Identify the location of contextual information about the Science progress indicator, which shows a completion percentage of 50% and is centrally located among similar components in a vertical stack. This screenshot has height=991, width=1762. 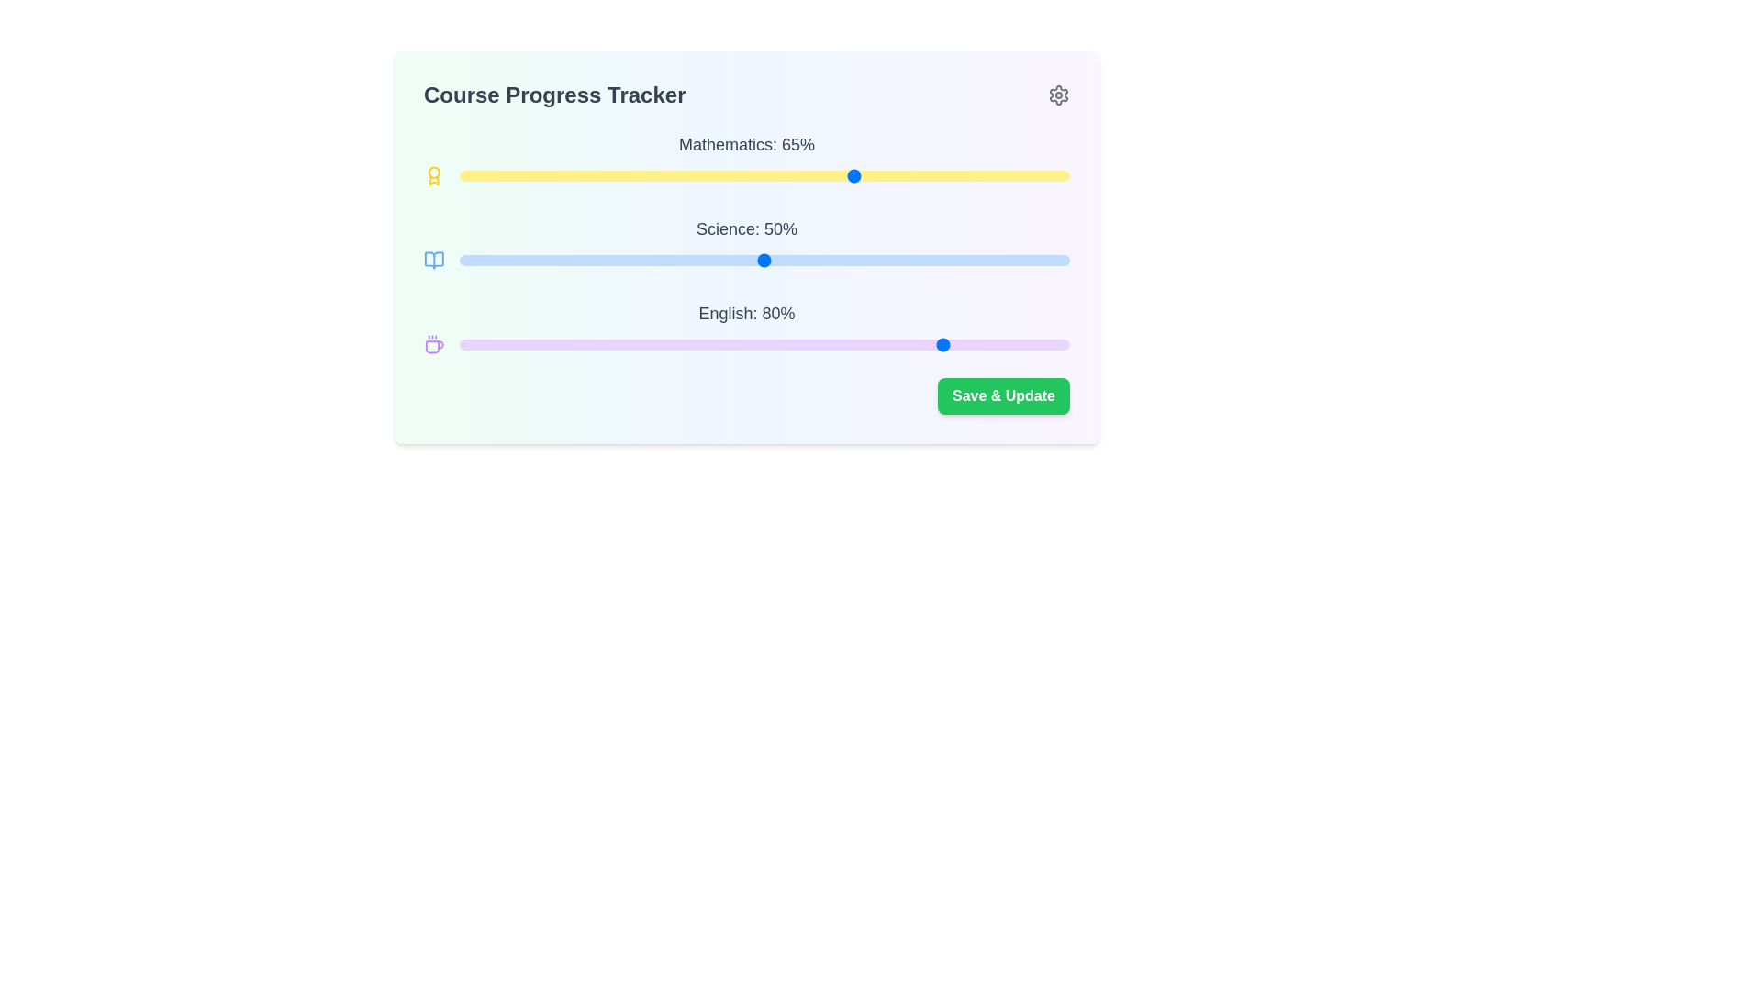
(747, 243).